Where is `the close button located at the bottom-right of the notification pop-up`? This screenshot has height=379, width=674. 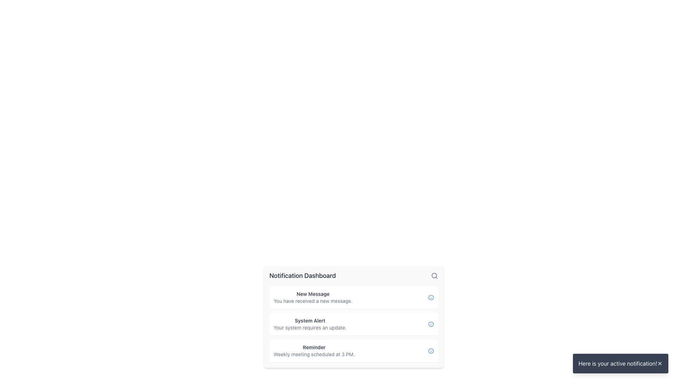
the close button located at the bottom-right of the notification pop-up is located at coordinates (660, 363).